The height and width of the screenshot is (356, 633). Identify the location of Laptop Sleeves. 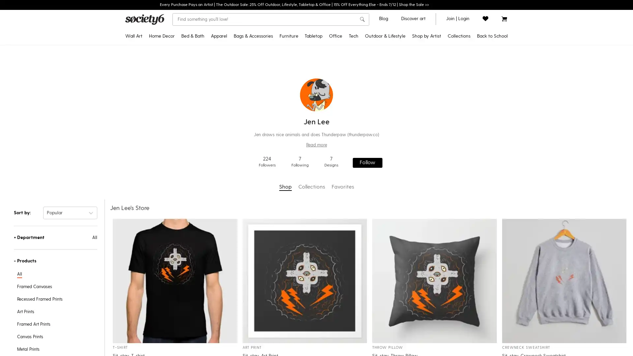
(377, 137).